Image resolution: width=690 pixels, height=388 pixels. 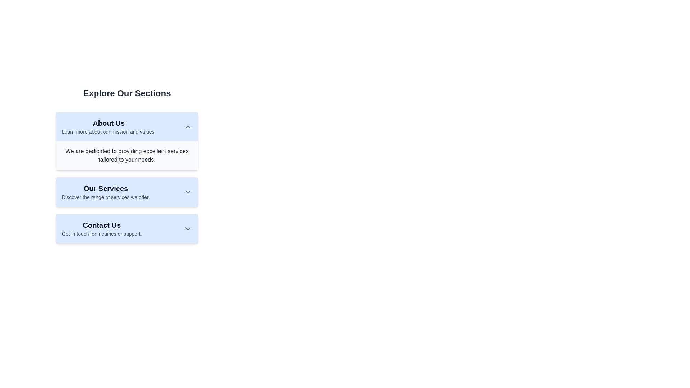 I want to click on the 'Contact Us' section header which has a light blue background, bold black header text, and a downward chevron icon on the right, so click(x=127, y=228).